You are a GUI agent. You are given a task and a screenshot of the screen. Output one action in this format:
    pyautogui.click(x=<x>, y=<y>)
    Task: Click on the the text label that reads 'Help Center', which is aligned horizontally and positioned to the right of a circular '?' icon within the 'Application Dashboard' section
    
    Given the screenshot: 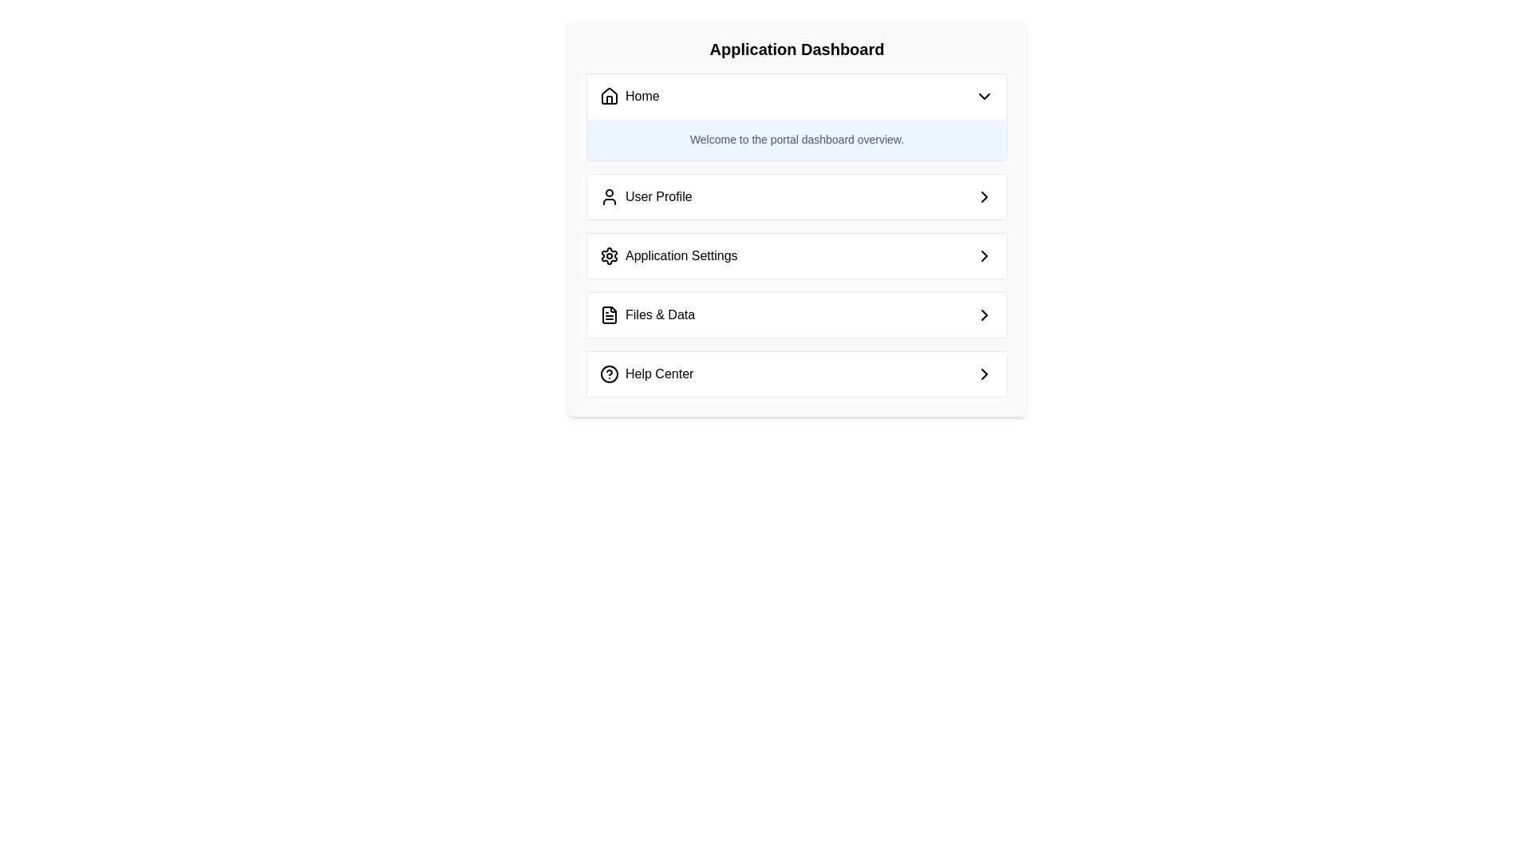 What is the action you would take?
    pyautogui.click(x=646, y=374)
    